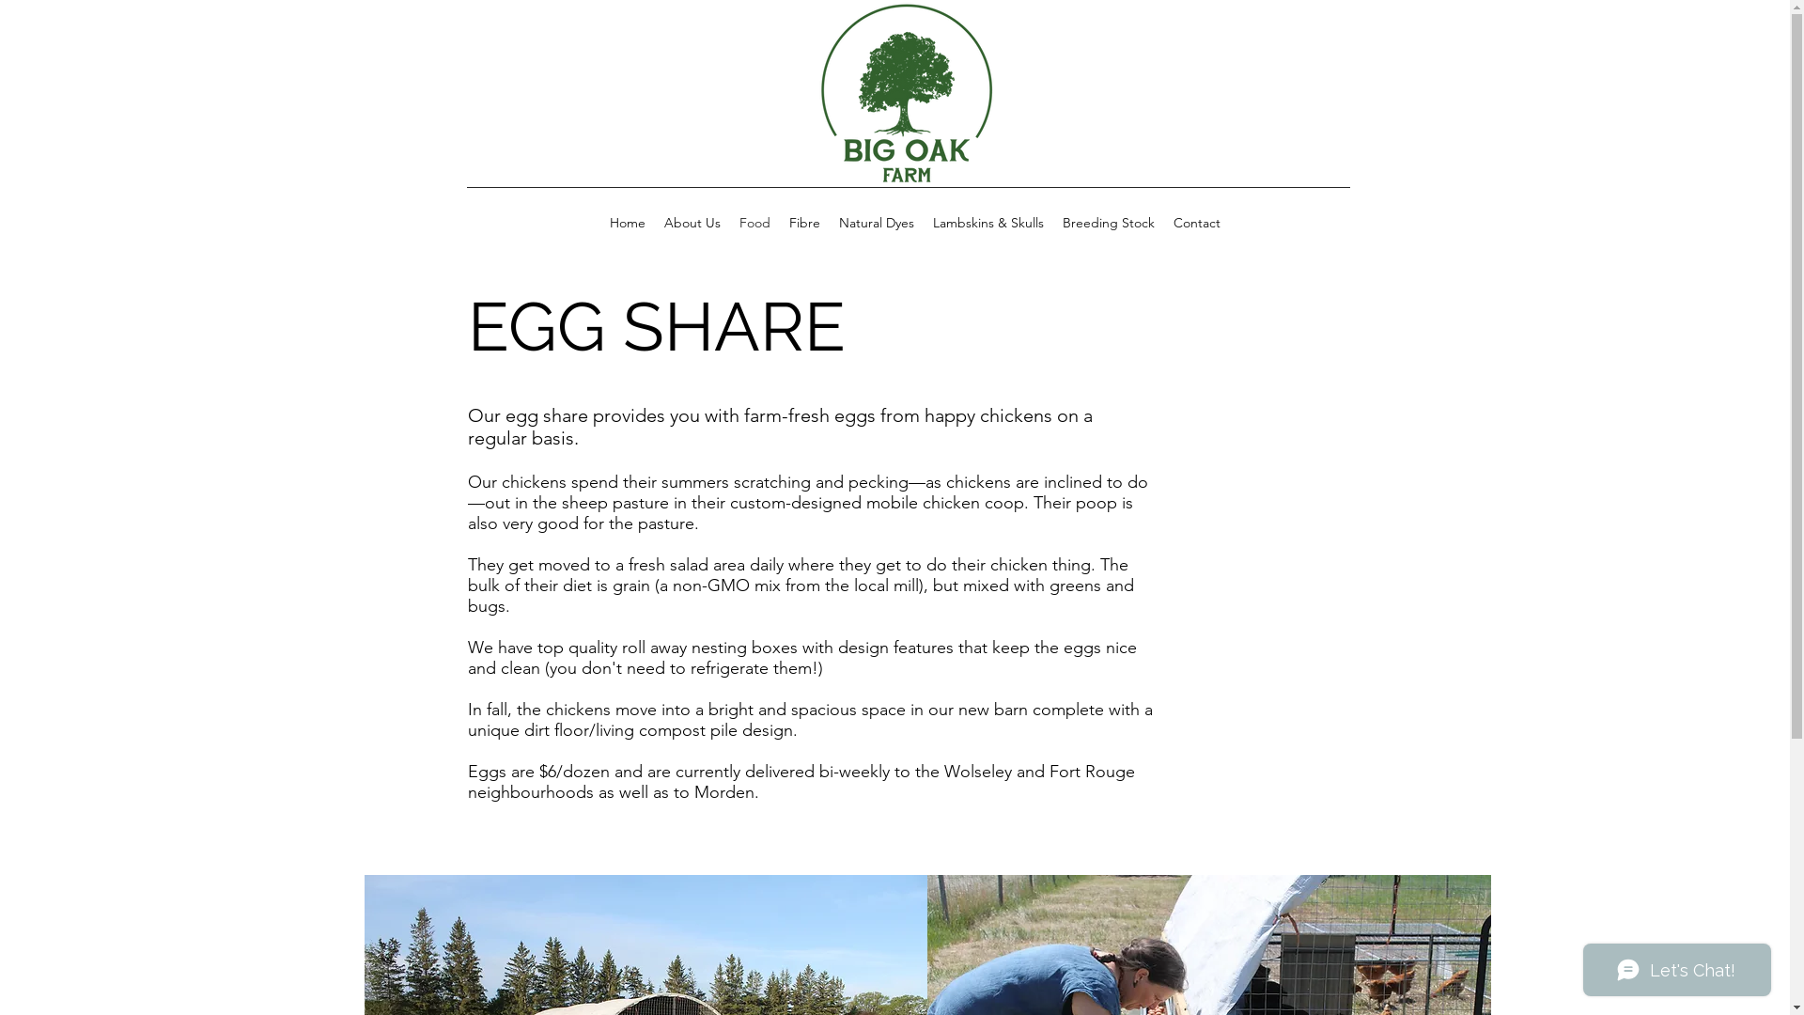  What do you see at coordinates (828, 221) in the screenshot?
I see `'Natural Dyes'` at bounding box center [828, 221].